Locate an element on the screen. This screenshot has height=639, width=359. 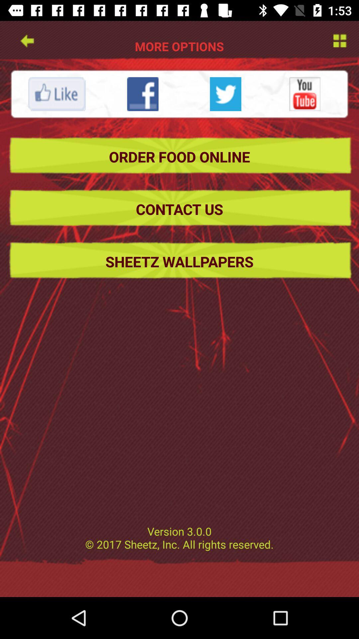
like is located at coordinates (57, 94).